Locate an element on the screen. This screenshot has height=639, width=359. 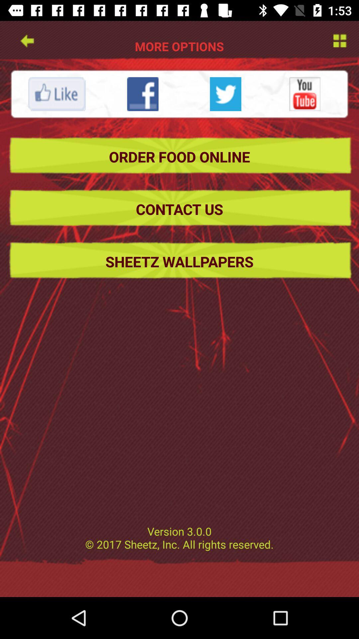
like is located at coordinates (57, 94).